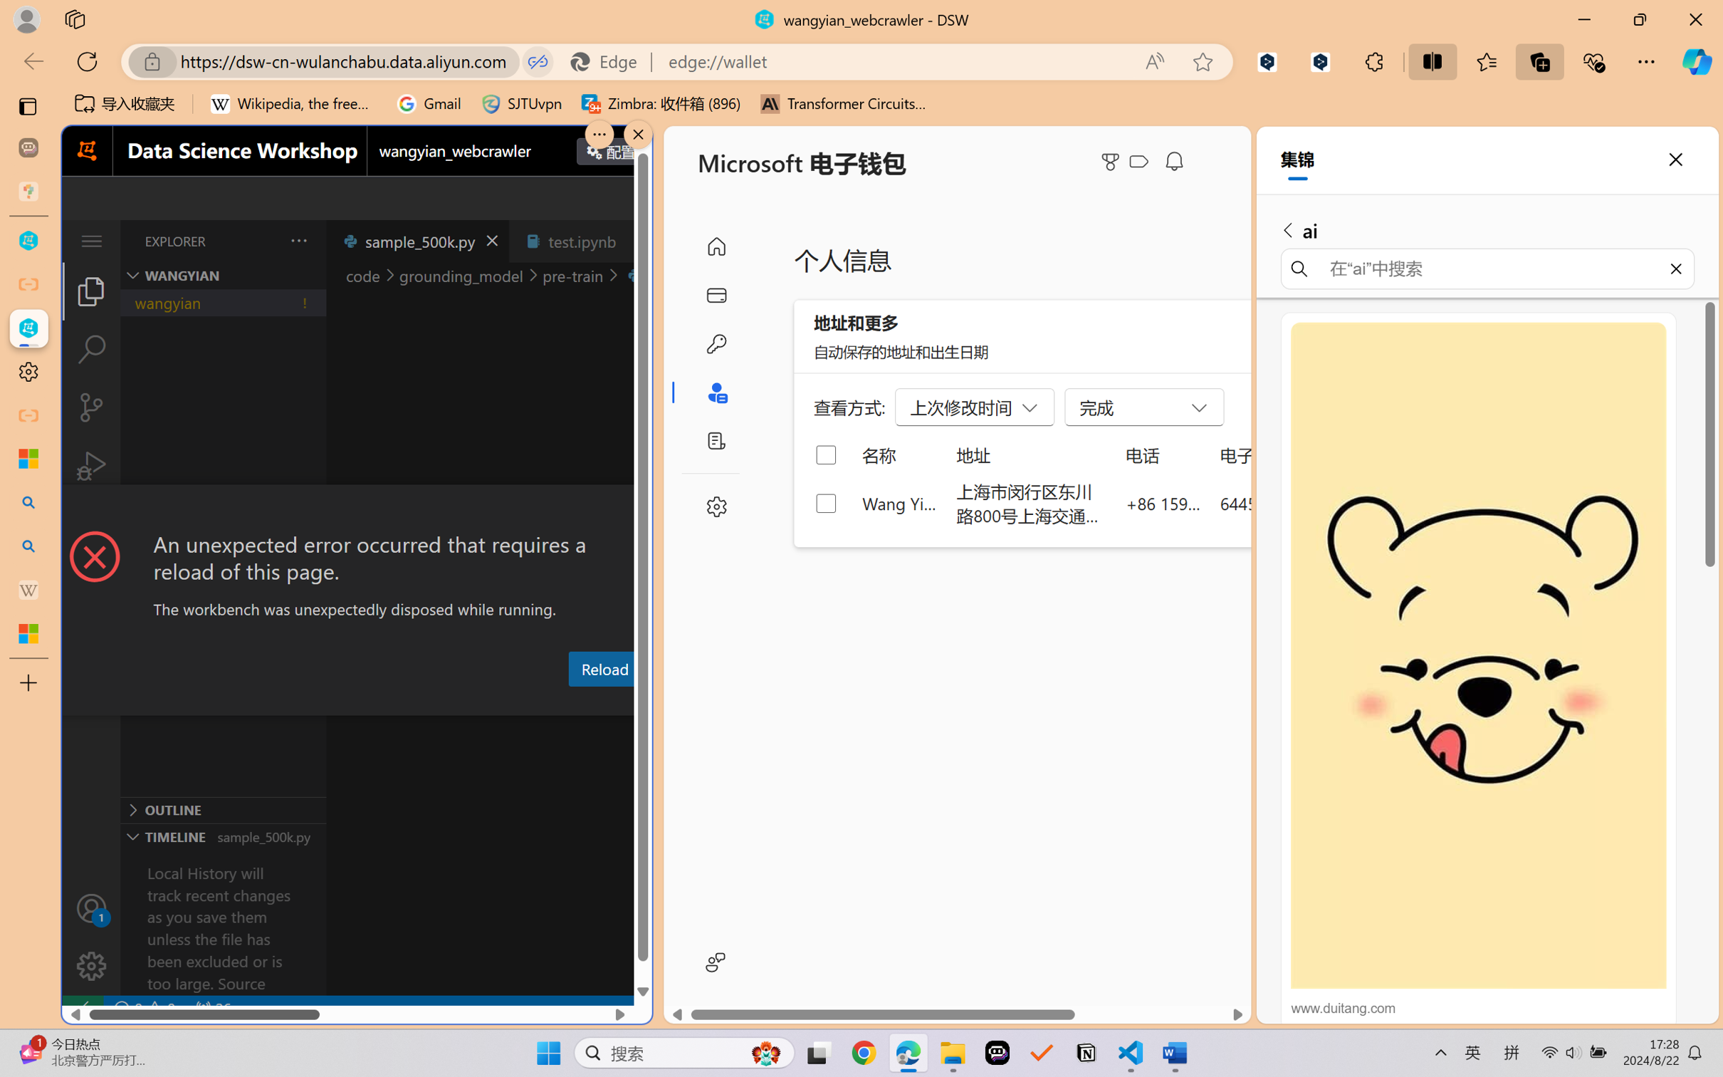  I want to click on 'Debug Console (Ctrl+Shift+Y)', so click(575, 702).